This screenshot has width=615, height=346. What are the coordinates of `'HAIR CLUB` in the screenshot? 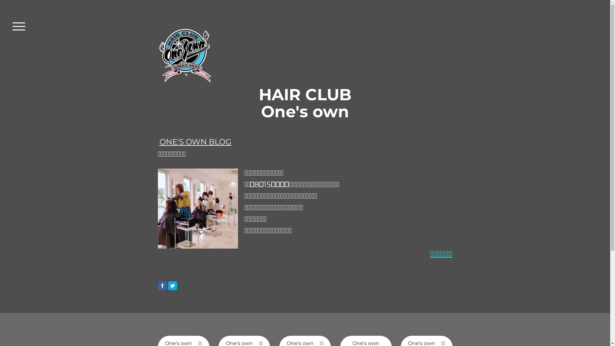 It's located at (304, 103).